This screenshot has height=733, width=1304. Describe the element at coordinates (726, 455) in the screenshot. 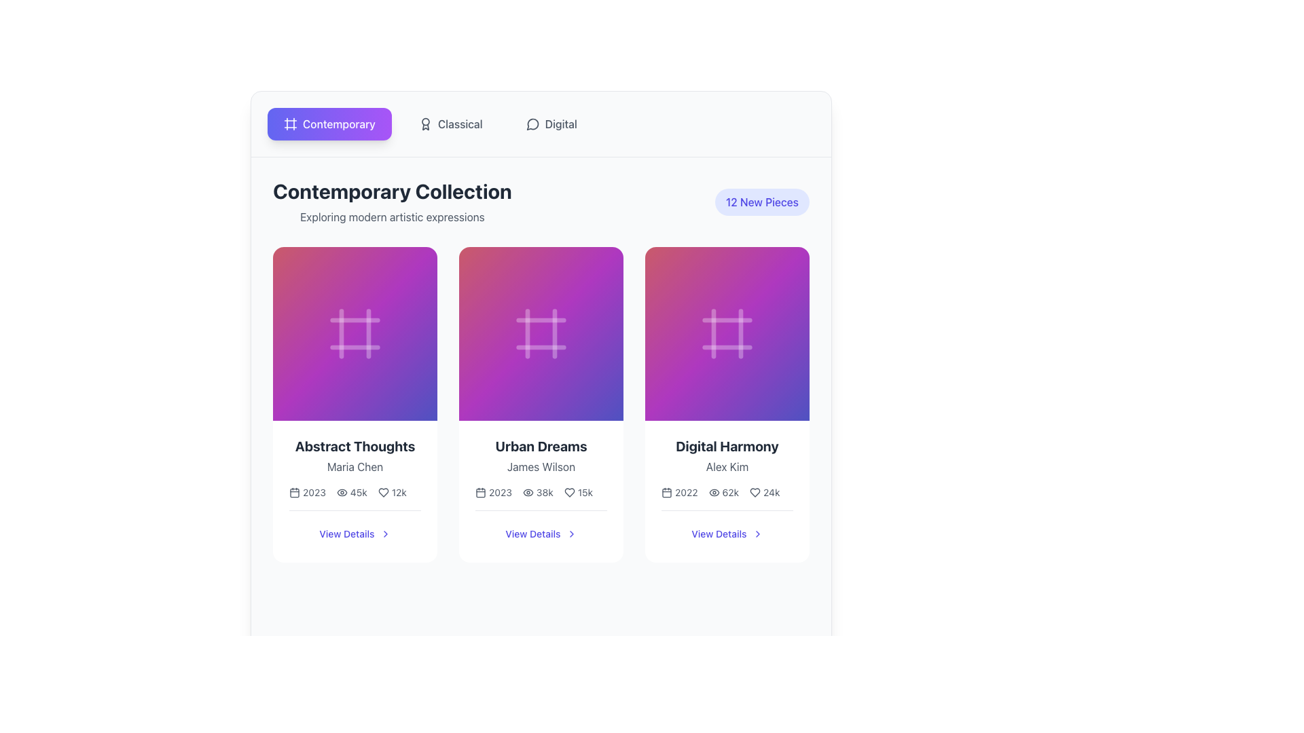

I see `the text block element titled 'Digital Harmony' by Alex Kim, which is located in the third box of a series, directly to the right of the 'Urban Dreams' box` at that location.